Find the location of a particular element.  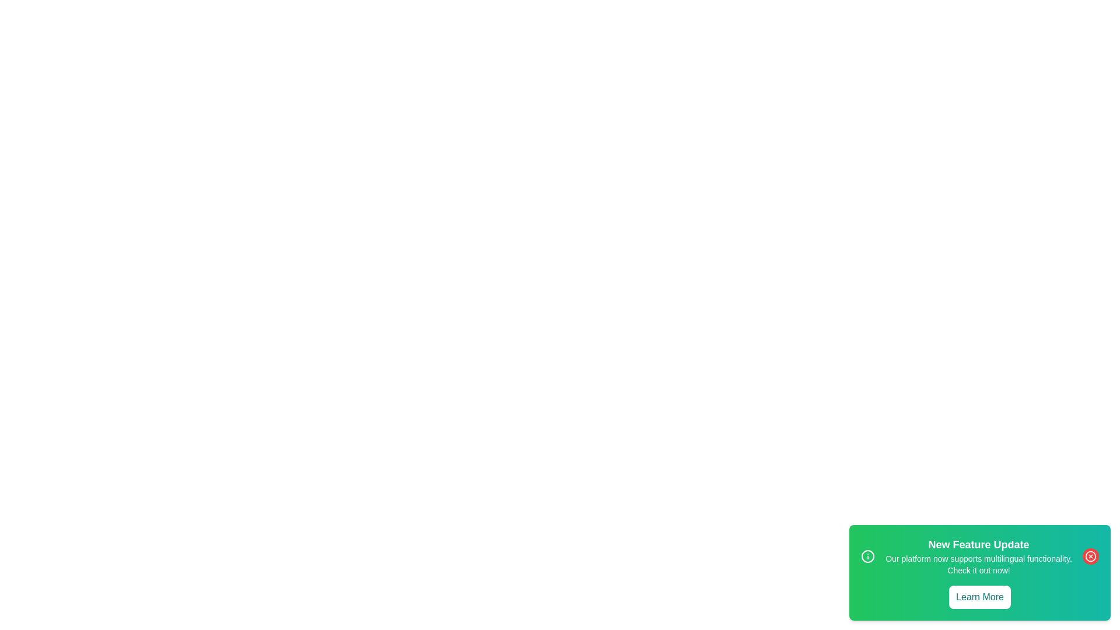

the 'Learn More' button to trigger the alert is located at coordinates (980, 597).